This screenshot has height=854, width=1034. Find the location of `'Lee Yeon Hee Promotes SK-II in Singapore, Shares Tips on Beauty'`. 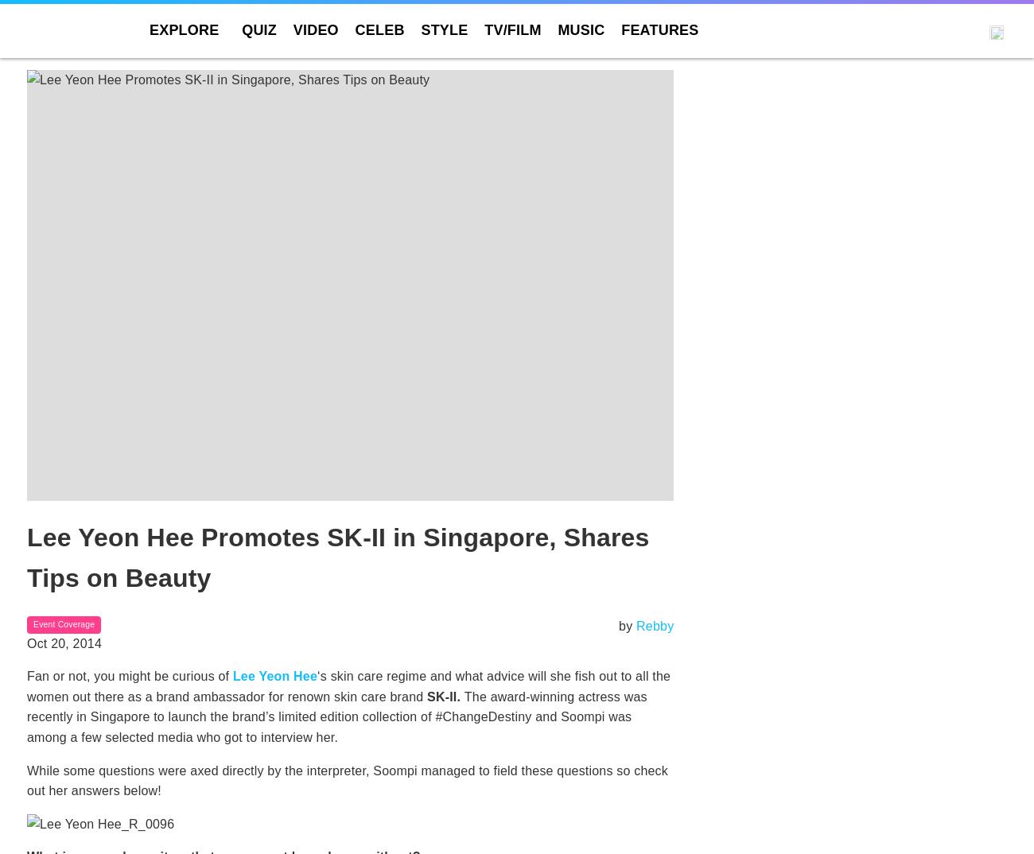

'Lee Yeon Hee Promotes SK-II in Singapore, Shares Tips on Beauty' is located at coordinates (337, 557).